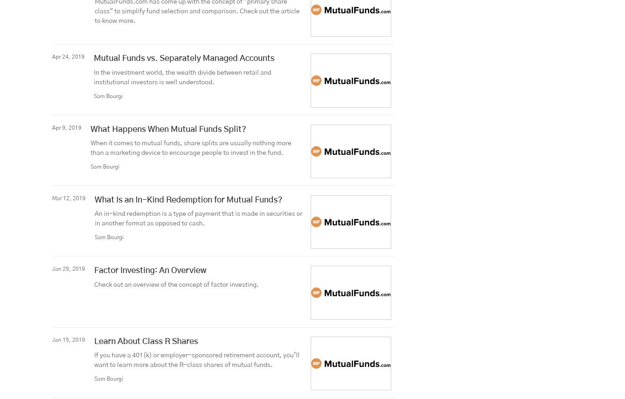 This screenshot has height=399, width=625. Describe the element at coordinates (182, 77) in the screenshot. I see `'In the investment world, the wealth divide between retail and institutional investors is well understood.'` at that location.